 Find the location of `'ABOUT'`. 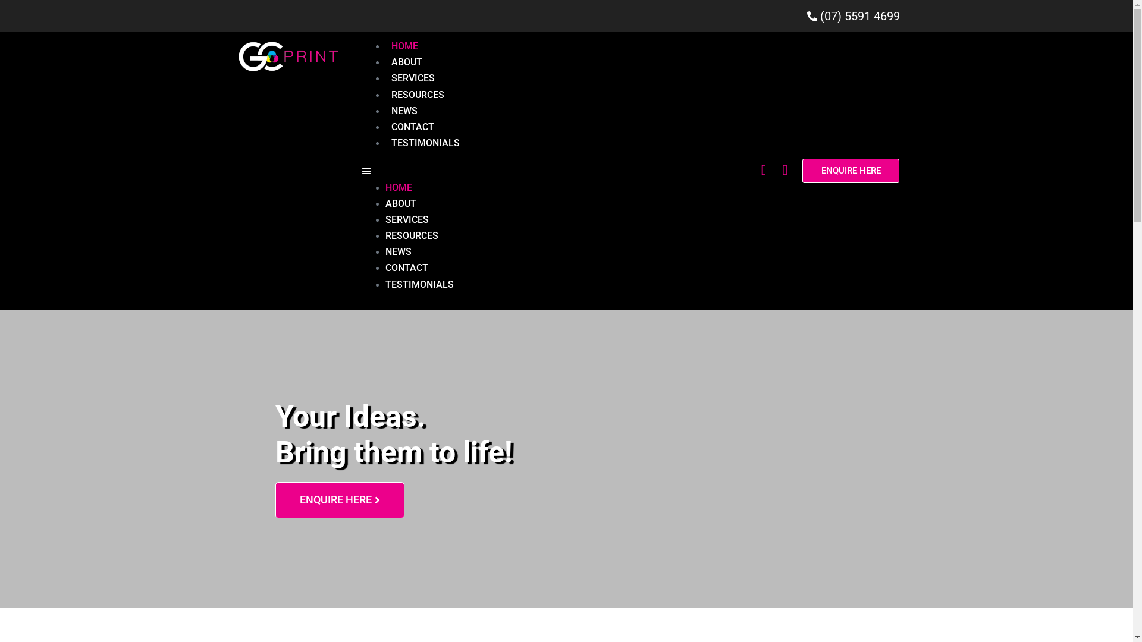

'ABOUT' is located at coordinates (407, 62).